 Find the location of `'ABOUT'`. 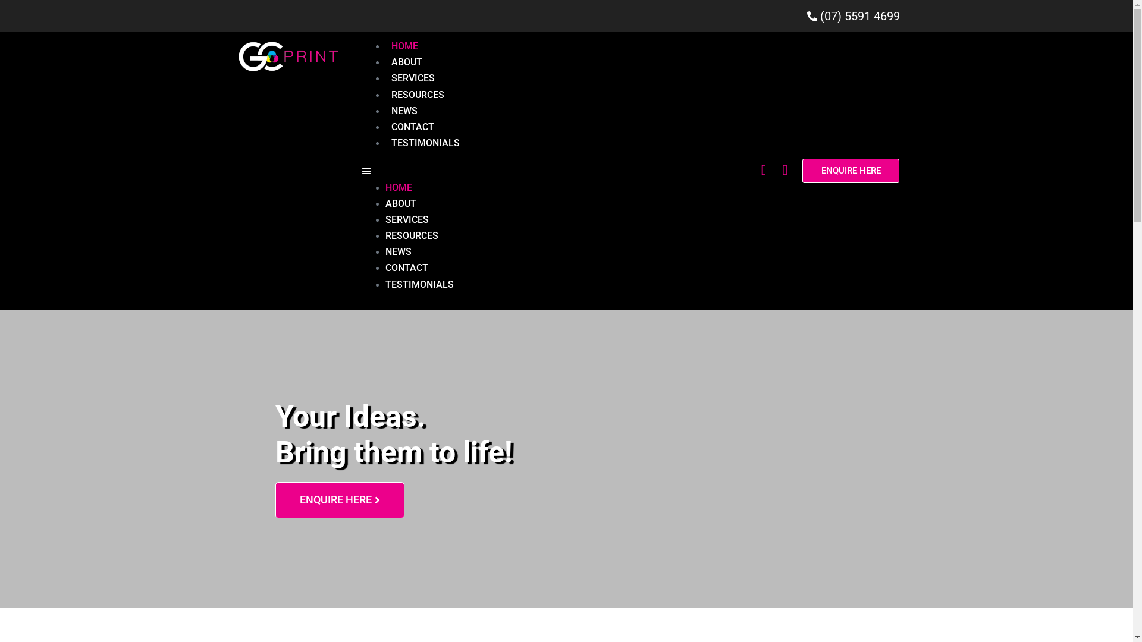

'ABOUT' is located at coordinates (407, 62).